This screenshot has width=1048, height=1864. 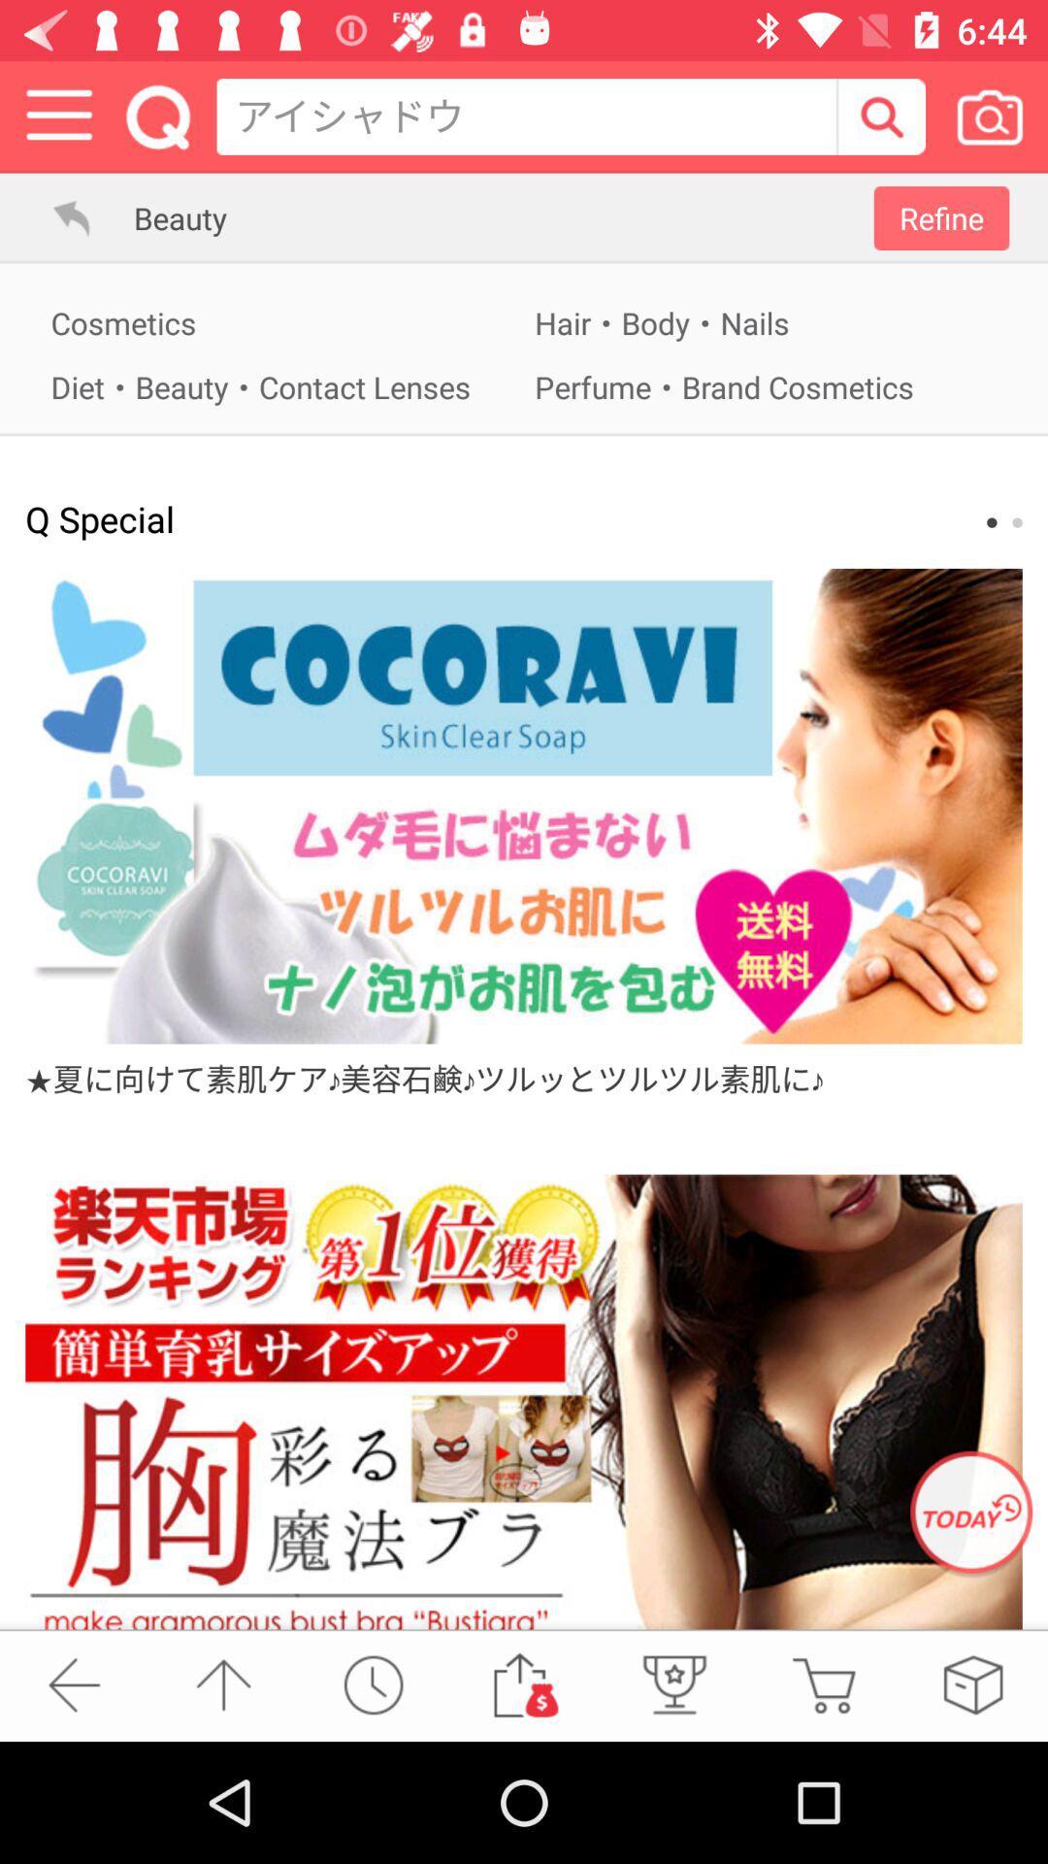 I want to click on the search icon, so click(x=880, y=116).